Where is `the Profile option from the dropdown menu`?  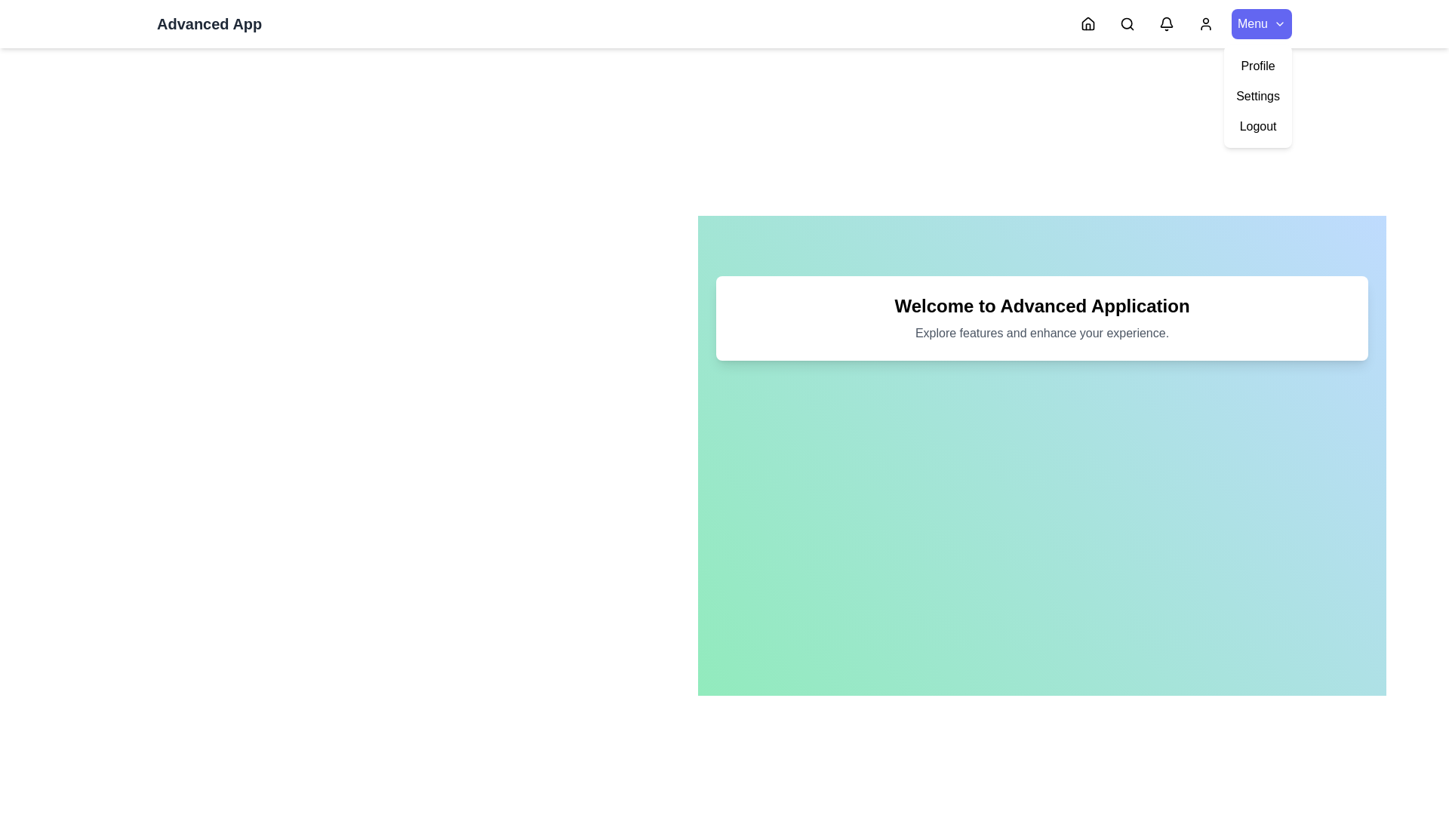 the Profile option from the dropdown menu is located at coordinates (1258, 66).